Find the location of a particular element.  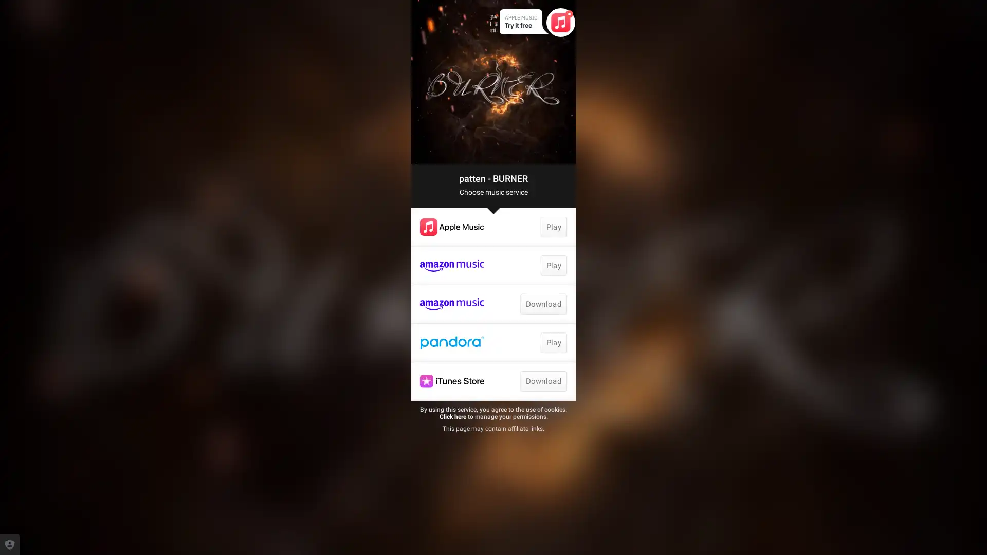

Play is located at coordinates (553, 227).